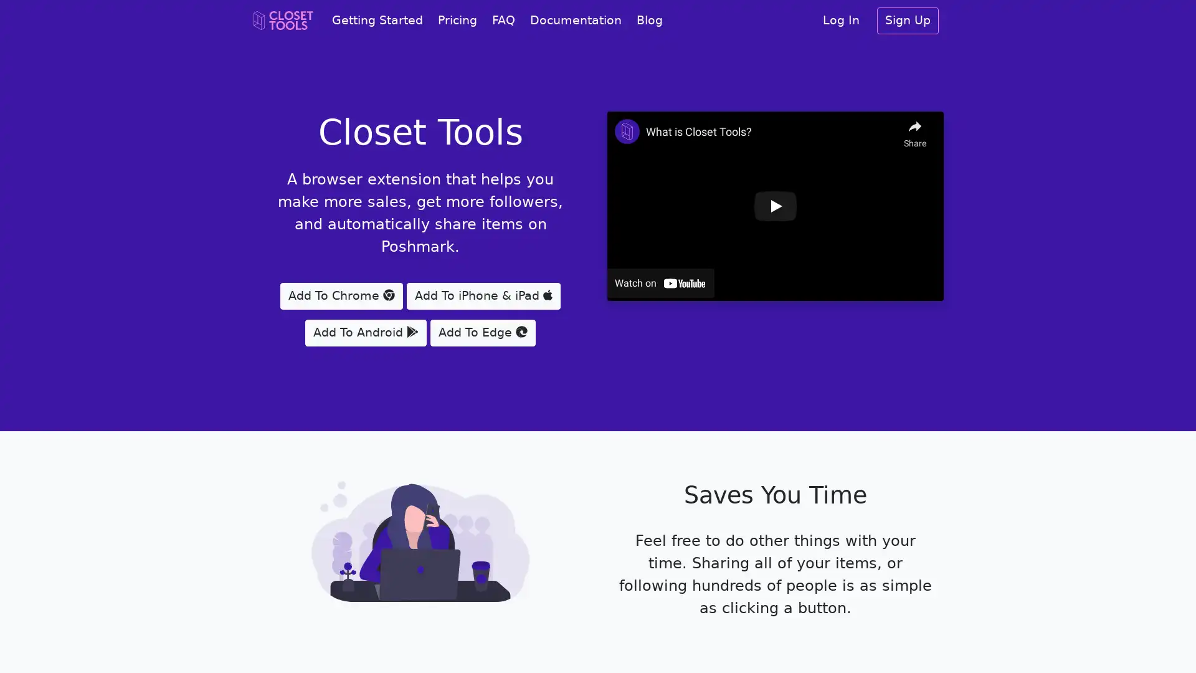 The width and height of the screenshot is (1196, 673). I want to click on Add To Chrome, so click(341, 295).